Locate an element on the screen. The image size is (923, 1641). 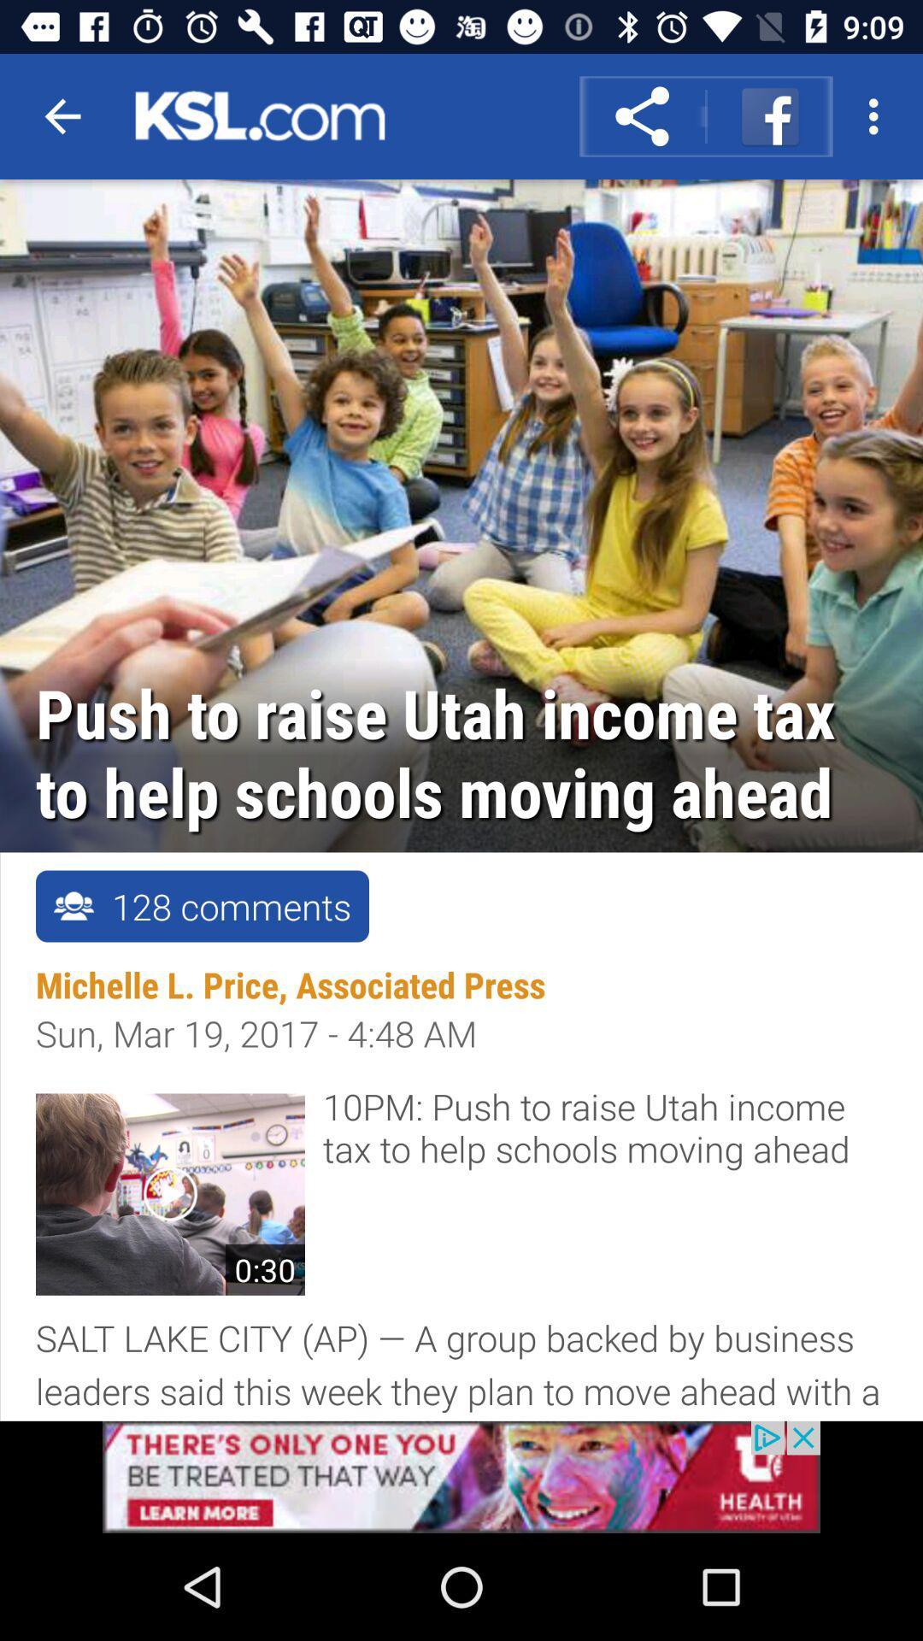
advertisement is located at coordinates (461, 1476).